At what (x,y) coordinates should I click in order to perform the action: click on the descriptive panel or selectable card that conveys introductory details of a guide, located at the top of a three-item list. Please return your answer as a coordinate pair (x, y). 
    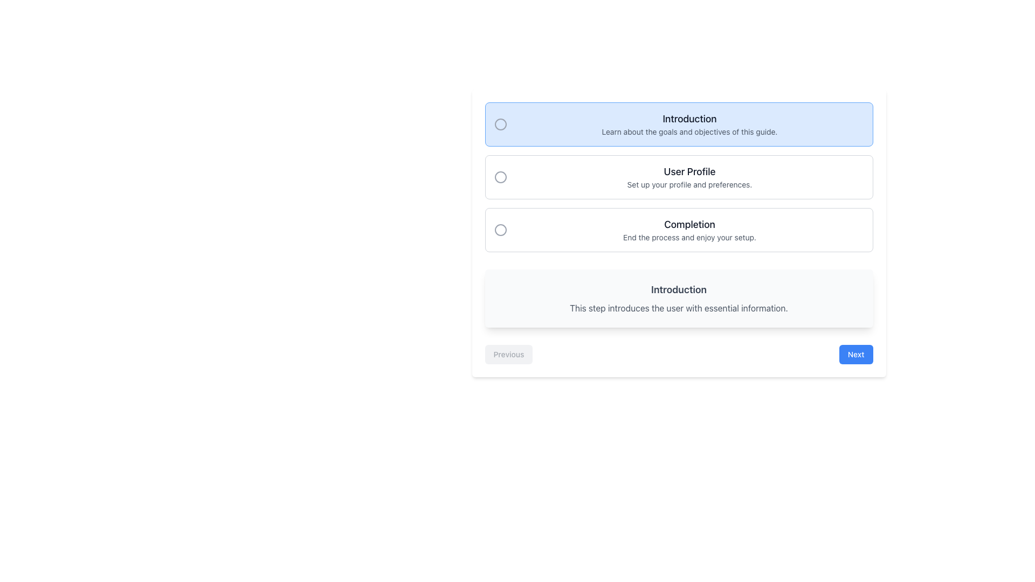
    Looking at the image, I should click on (678, 124).